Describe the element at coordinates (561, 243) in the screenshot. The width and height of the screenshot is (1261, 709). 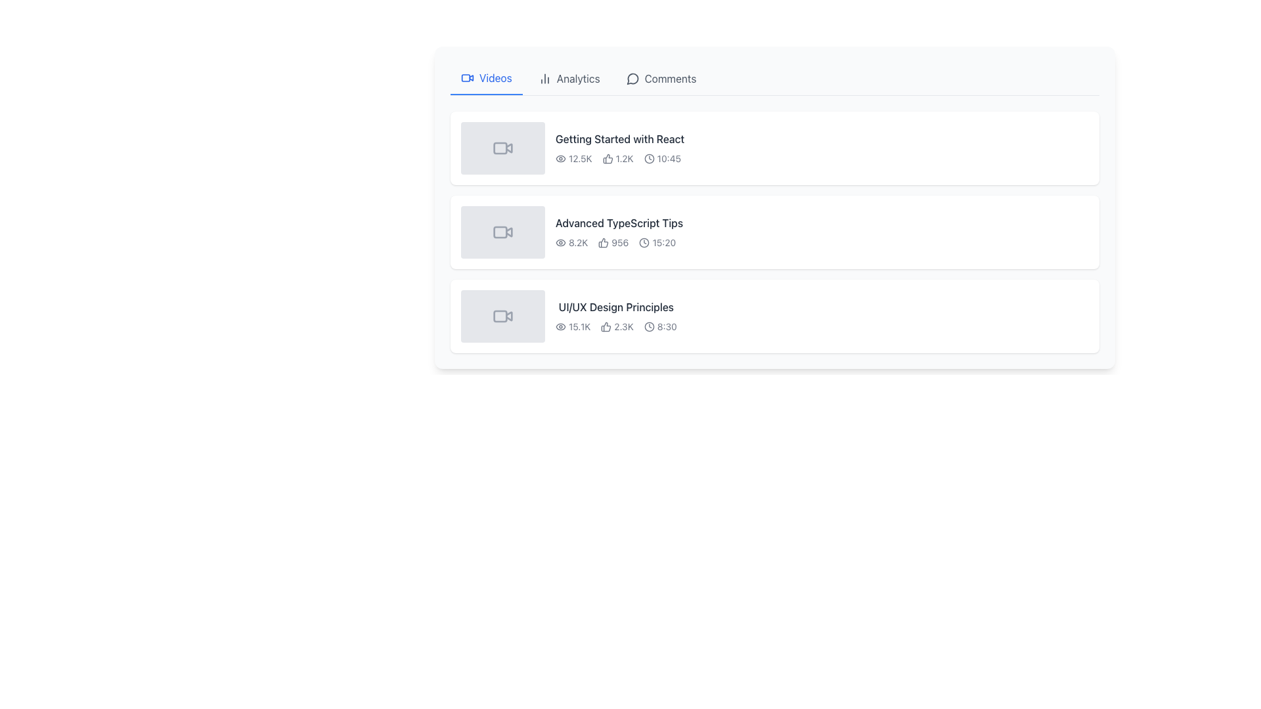
I see `the eye icon located to the left of the numeric label '8.2K' in the 'Advanced TypeScript Tips' content panel to understand its significance` at that location.